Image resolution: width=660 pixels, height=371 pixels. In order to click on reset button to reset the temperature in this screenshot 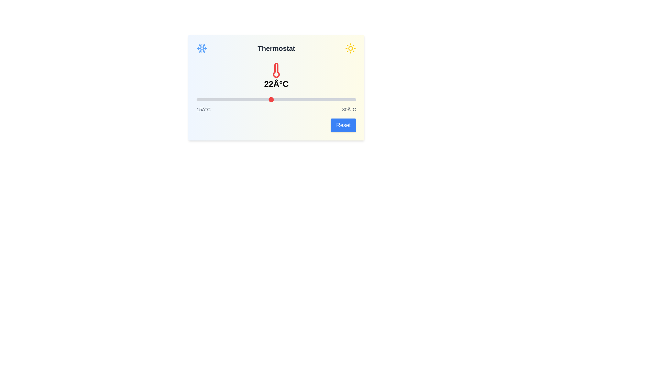, I will do `click(343, 125)`.